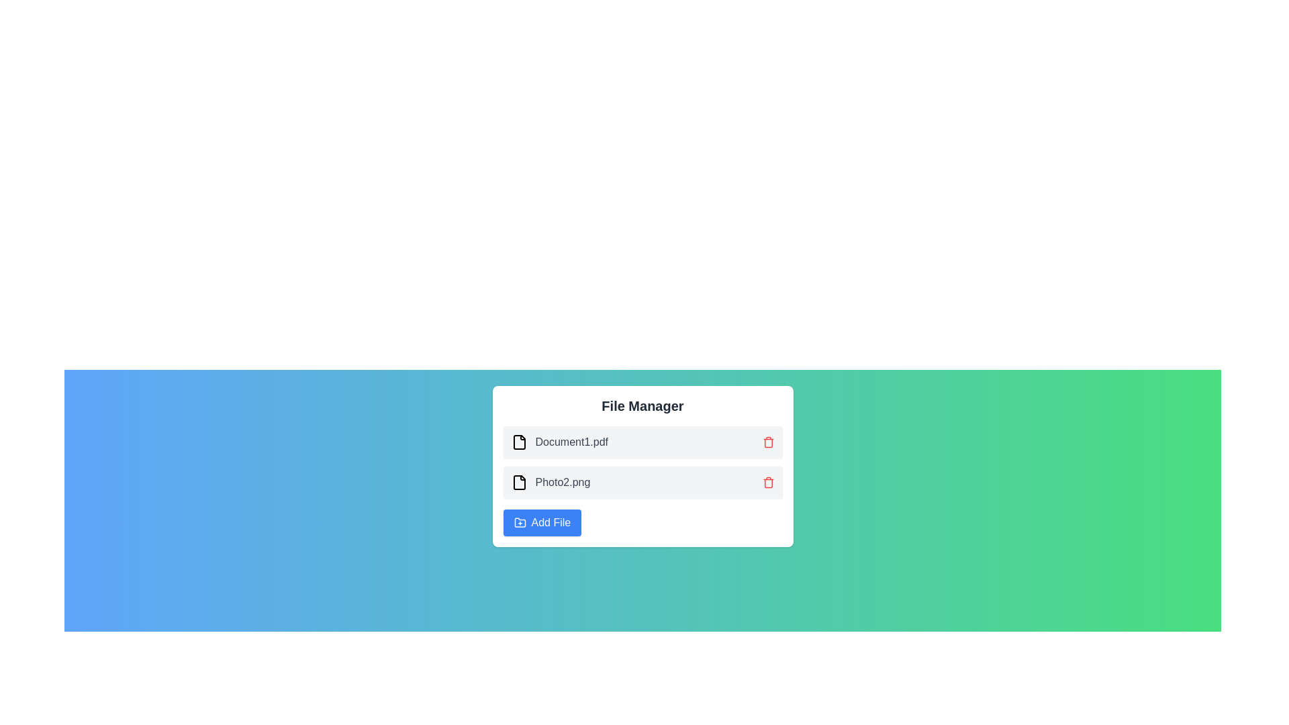  I want to click on the 'Add File' button which contains an icon for adding or creating a new file or folder, located at the bottom section of the file manager interface, so click(519, 522).